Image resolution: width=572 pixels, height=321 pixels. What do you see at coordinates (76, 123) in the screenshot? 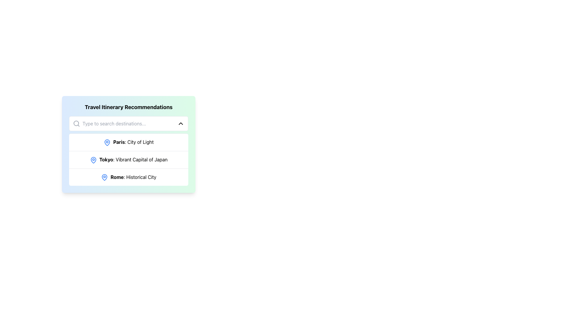
I see `the Circle SVG element that forms part of the search icon, which is located to the left of the search bar` at bounding box center [76, 123].